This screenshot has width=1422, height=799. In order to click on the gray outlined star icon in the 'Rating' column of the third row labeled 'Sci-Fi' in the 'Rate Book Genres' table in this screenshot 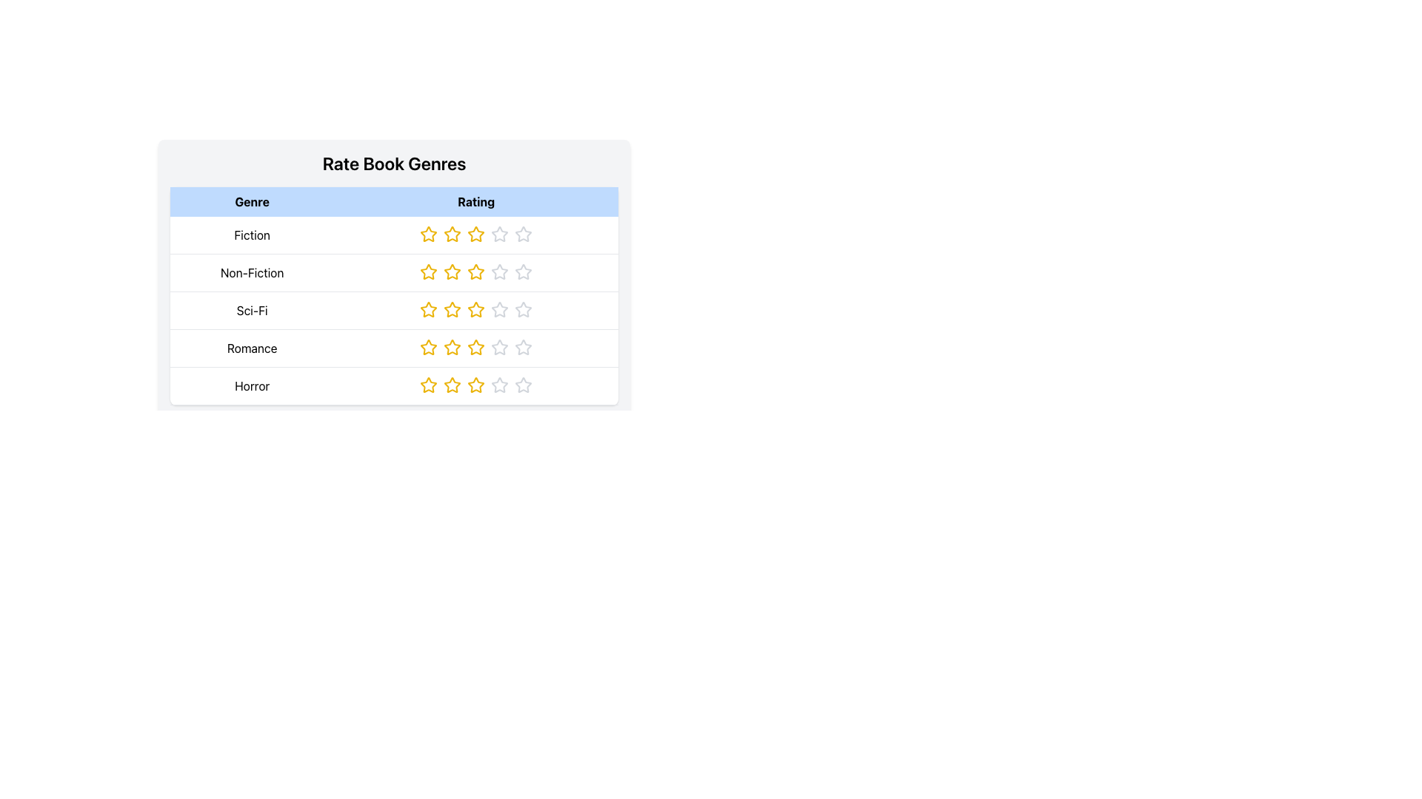, I will do `click(524, 309)`.